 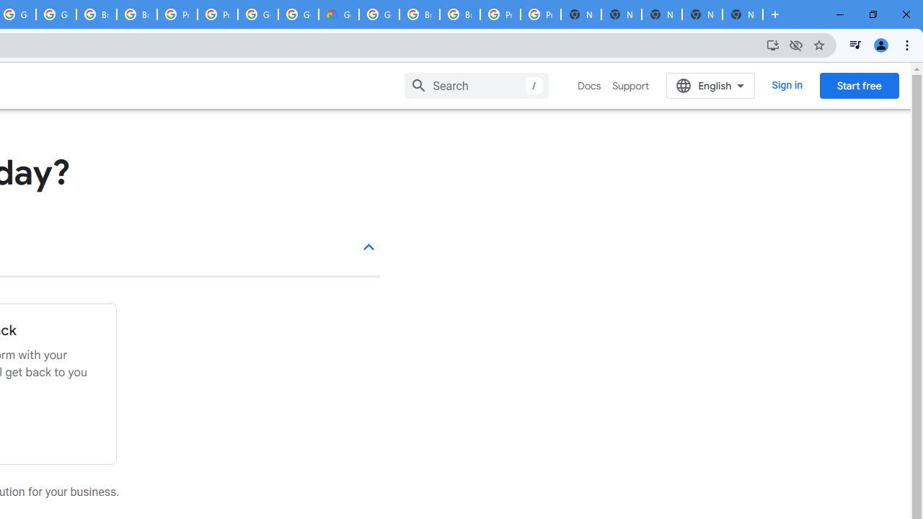 I want to click on 'Sign in', so click(x=787, y=85).